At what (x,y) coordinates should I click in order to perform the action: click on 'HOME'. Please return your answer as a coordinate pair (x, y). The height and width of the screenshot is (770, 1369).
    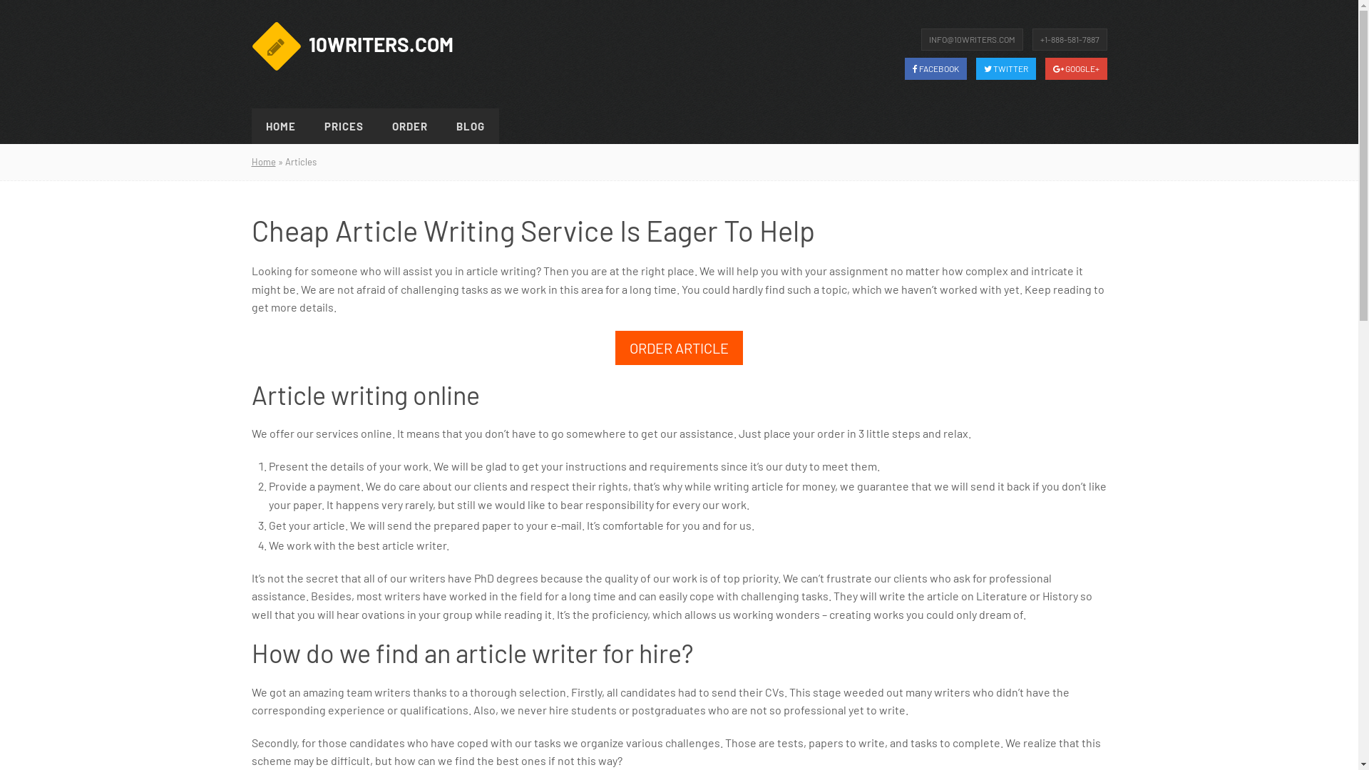
    Looking at the image, I should click on (280, 125).